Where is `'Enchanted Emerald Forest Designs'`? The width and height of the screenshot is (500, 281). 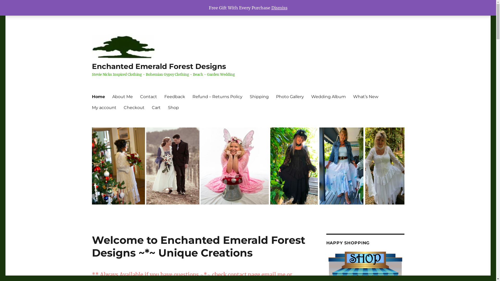
'Enchanted Emerald Forest Designs' is located at coordinates (158, 66).